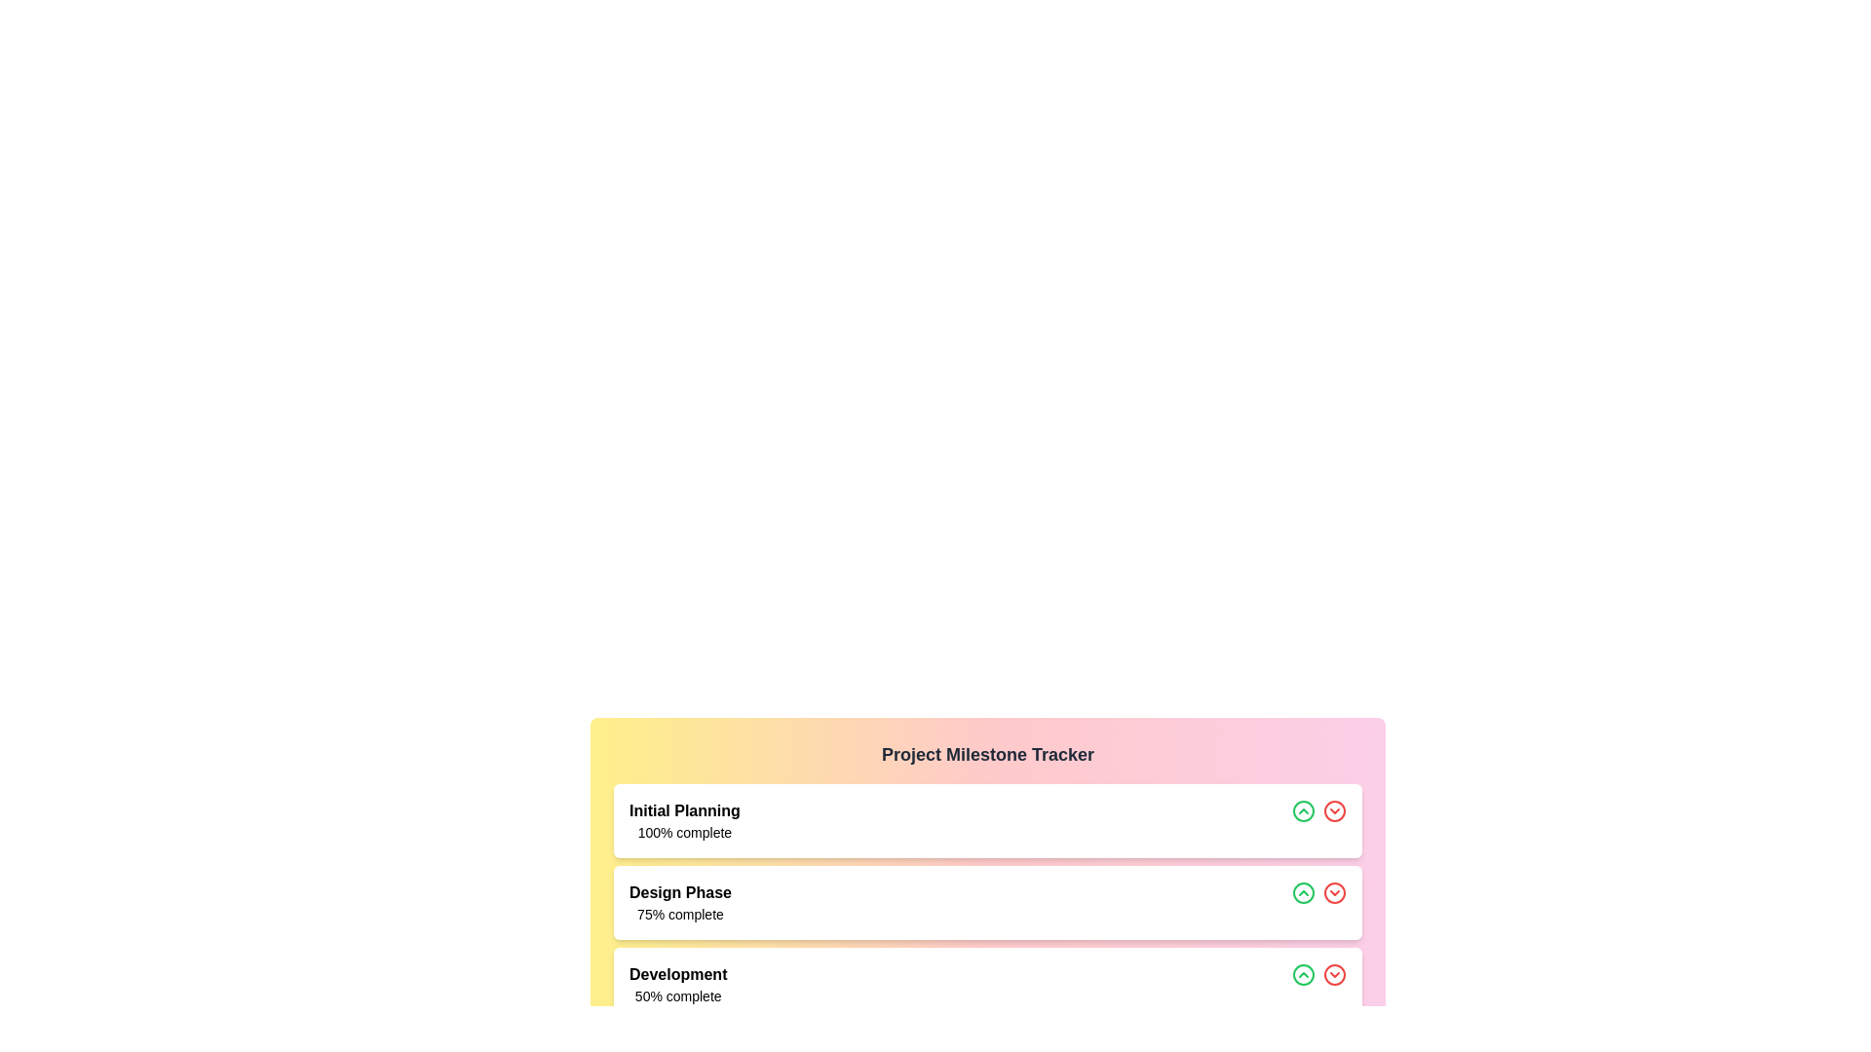  Describe the element at coordinates (1333, 811) in the screenshot. I see `the circular red button with a downward-pointing chevron located in the top-right corner of the second milestone row in the project tracker interface to interact with it` at that location.